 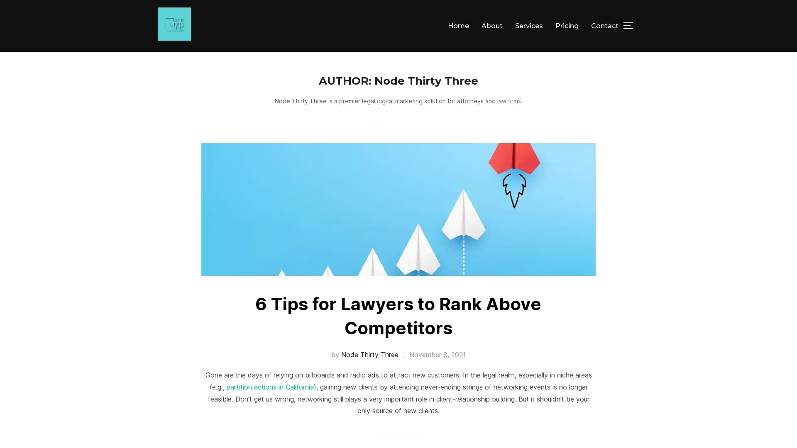 What do you see at coordinates (631, 25) in the screenshot?
I see `TOGGLE SIDEBAR & NAVIGATION` at bounding box center [631, 25].